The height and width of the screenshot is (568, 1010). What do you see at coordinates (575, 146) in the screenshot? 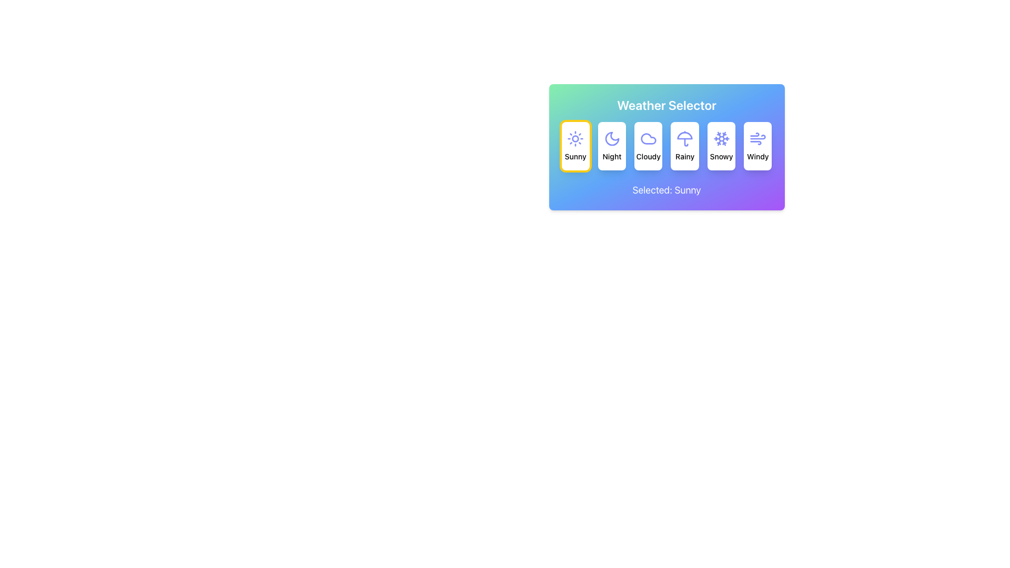
I see `the first button in the horizontal group representing weather conditions` at bounding box center [575, 146].